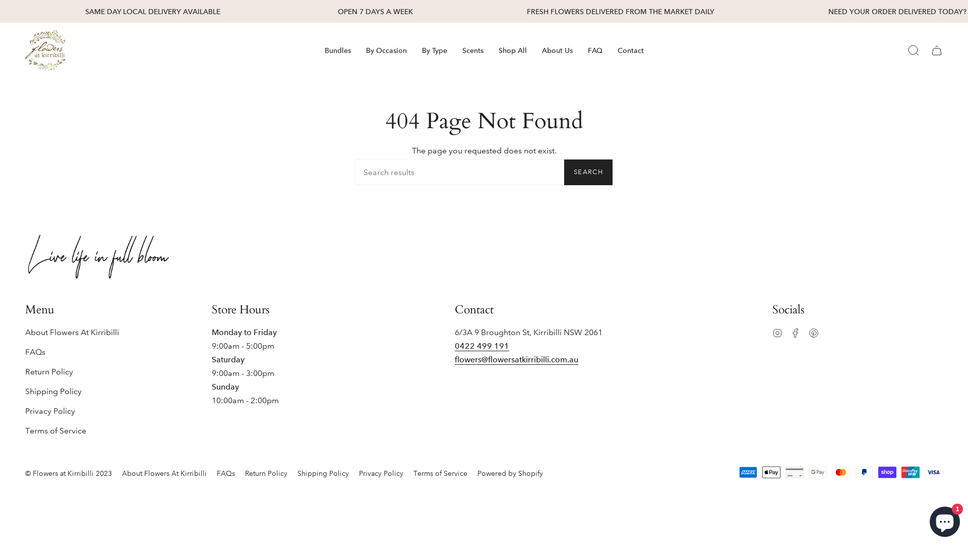 Image resolution: width=968 pixels, height=545 pixels. What do you see at coordinates (440, 473) in the screenshot?
I see `'Terms of Service'` at bounding box center [440, 473].